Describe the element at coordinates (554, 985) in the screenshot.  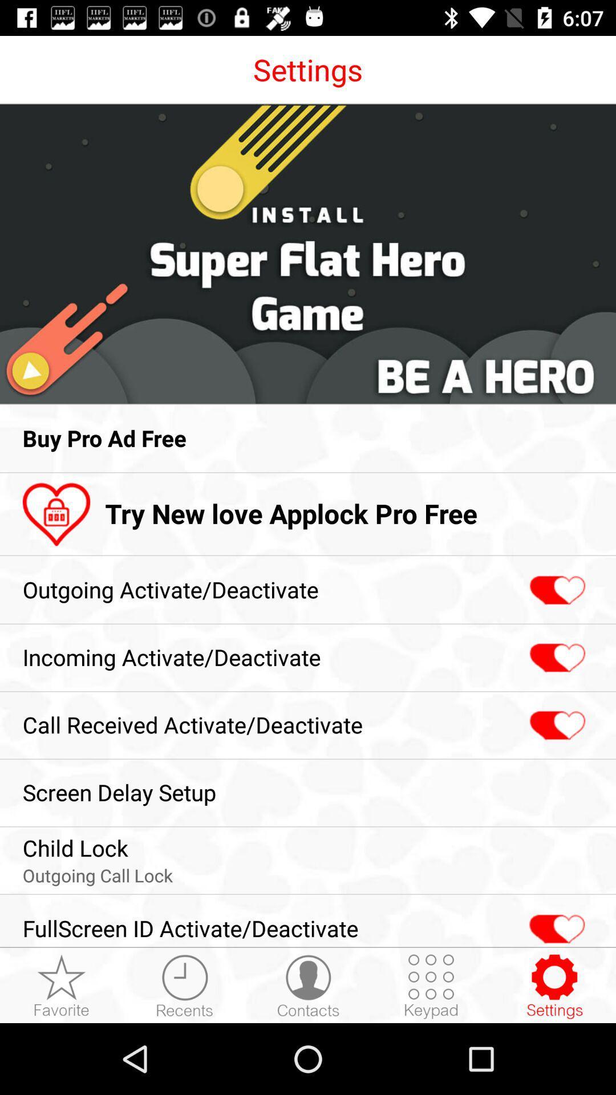
I see `settings option` at that location.